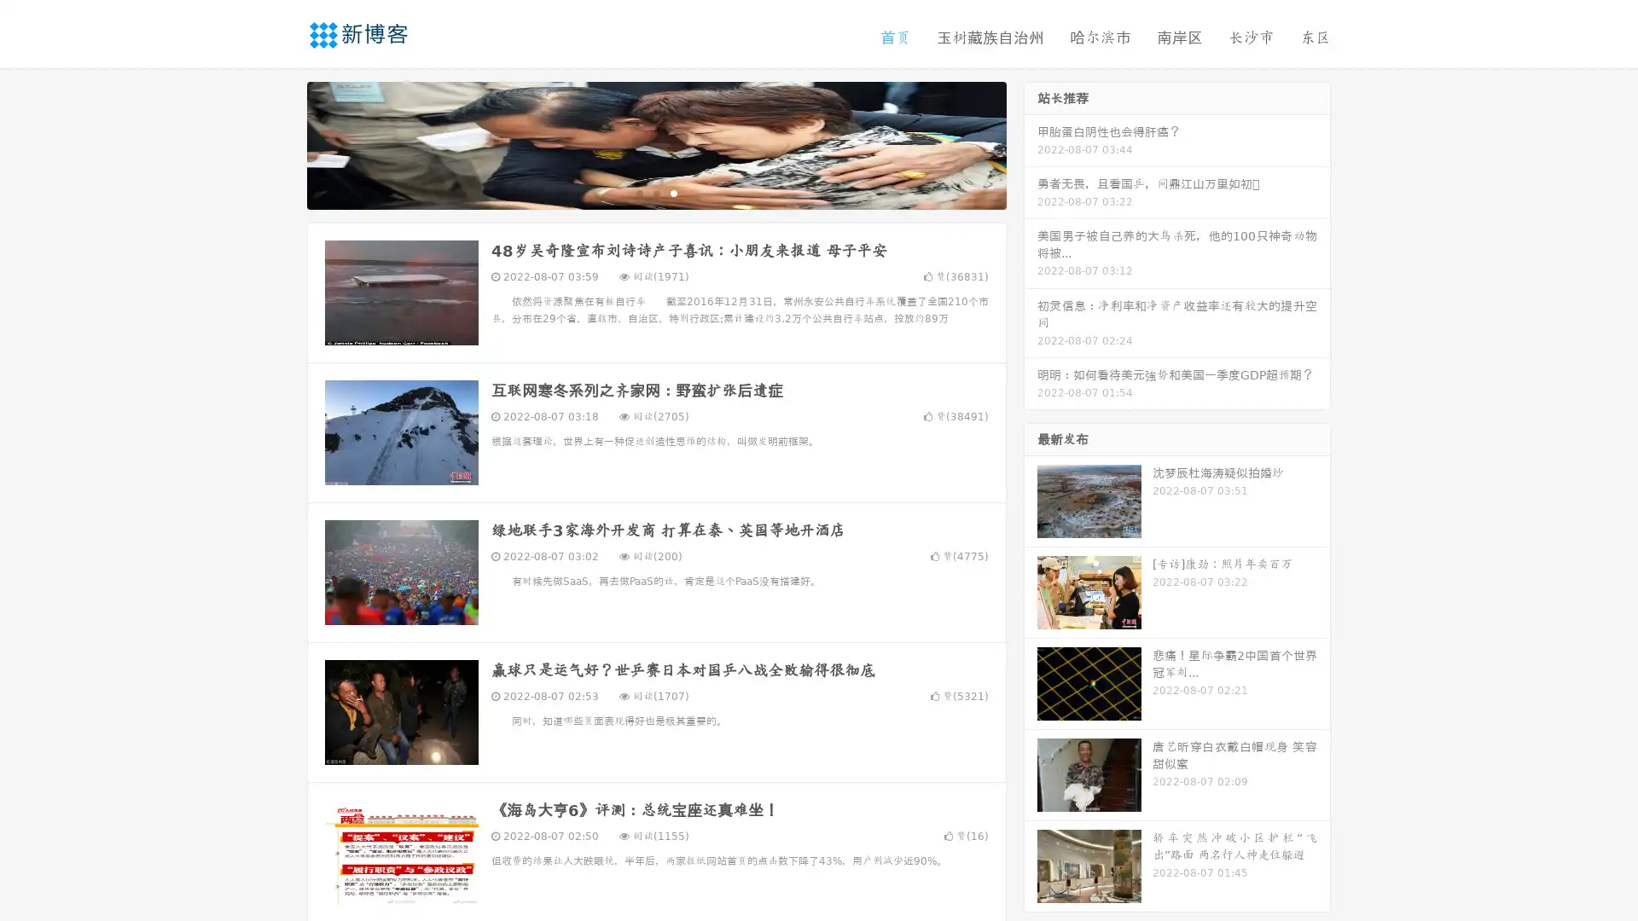 This screenshot has width=1638, height=921. What do you see at coordinates (1031, 143) in the screenshot?
I see `Next slide` at bounding box center [1031, 143].